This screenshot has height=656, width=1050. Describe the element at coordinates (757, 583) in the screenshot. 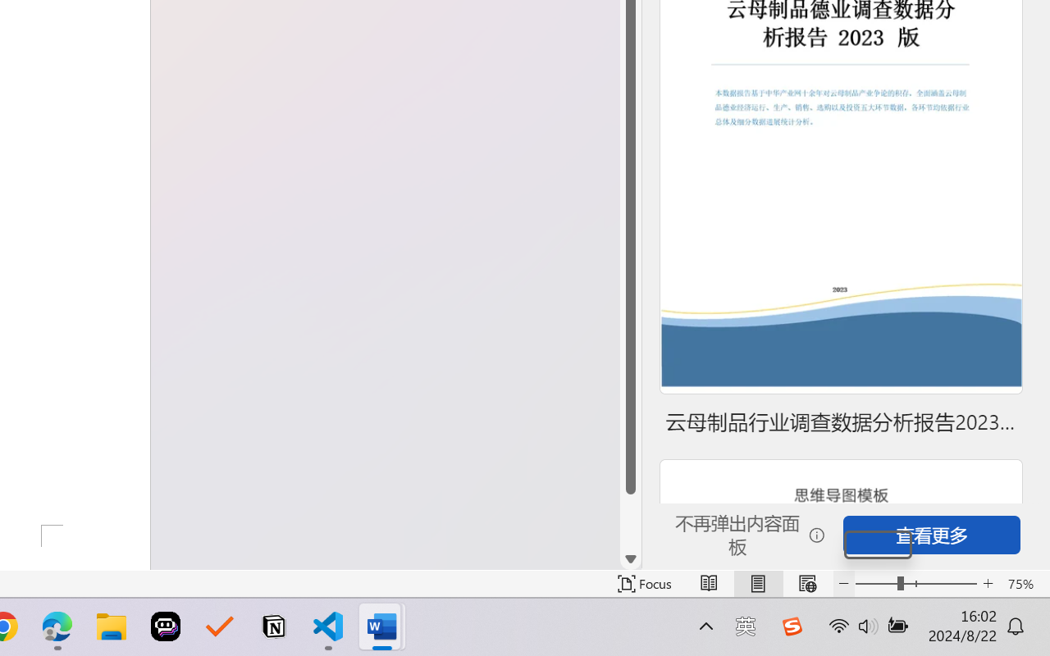

I see `'Print Layout'` at that location.